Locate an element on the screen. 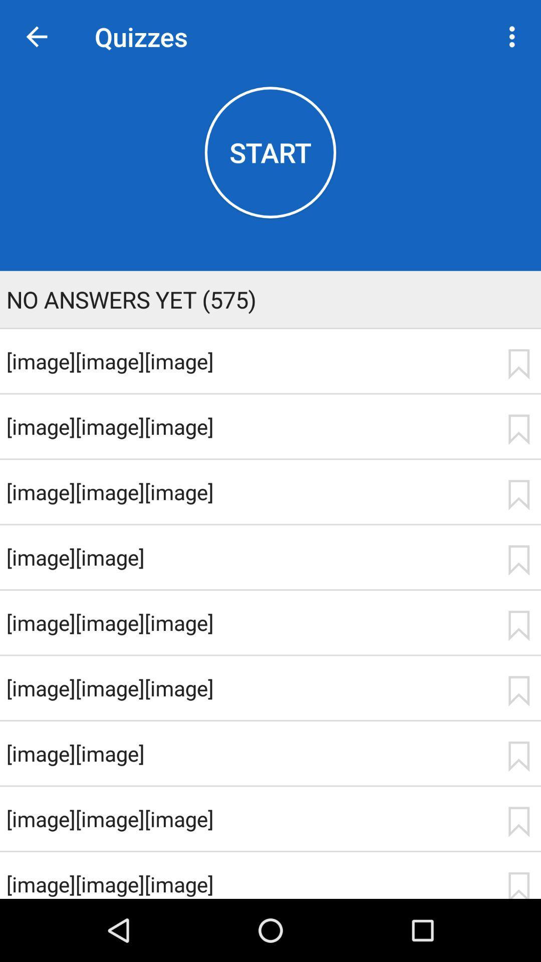 The image size is (541, 962). the save button at bottom right is located at coordinates (518, 885).